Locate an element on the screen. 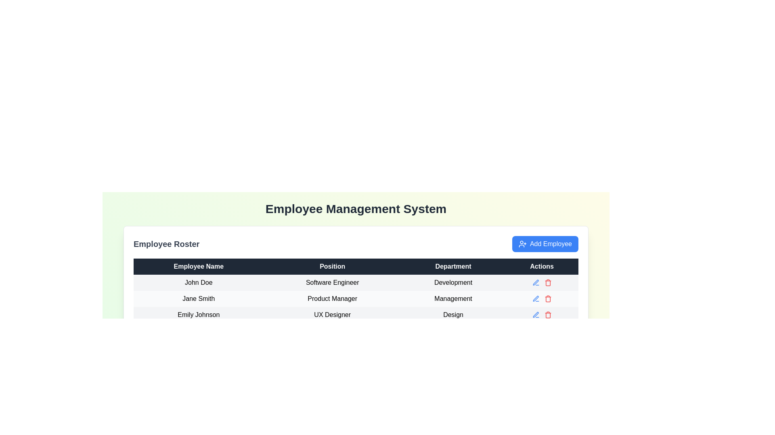 This screenshot has width=775, height=435. the text label displaying 'John Doe' in the 'Employee Name' column of the Employee Roster table is located at coordinates (199, 282).